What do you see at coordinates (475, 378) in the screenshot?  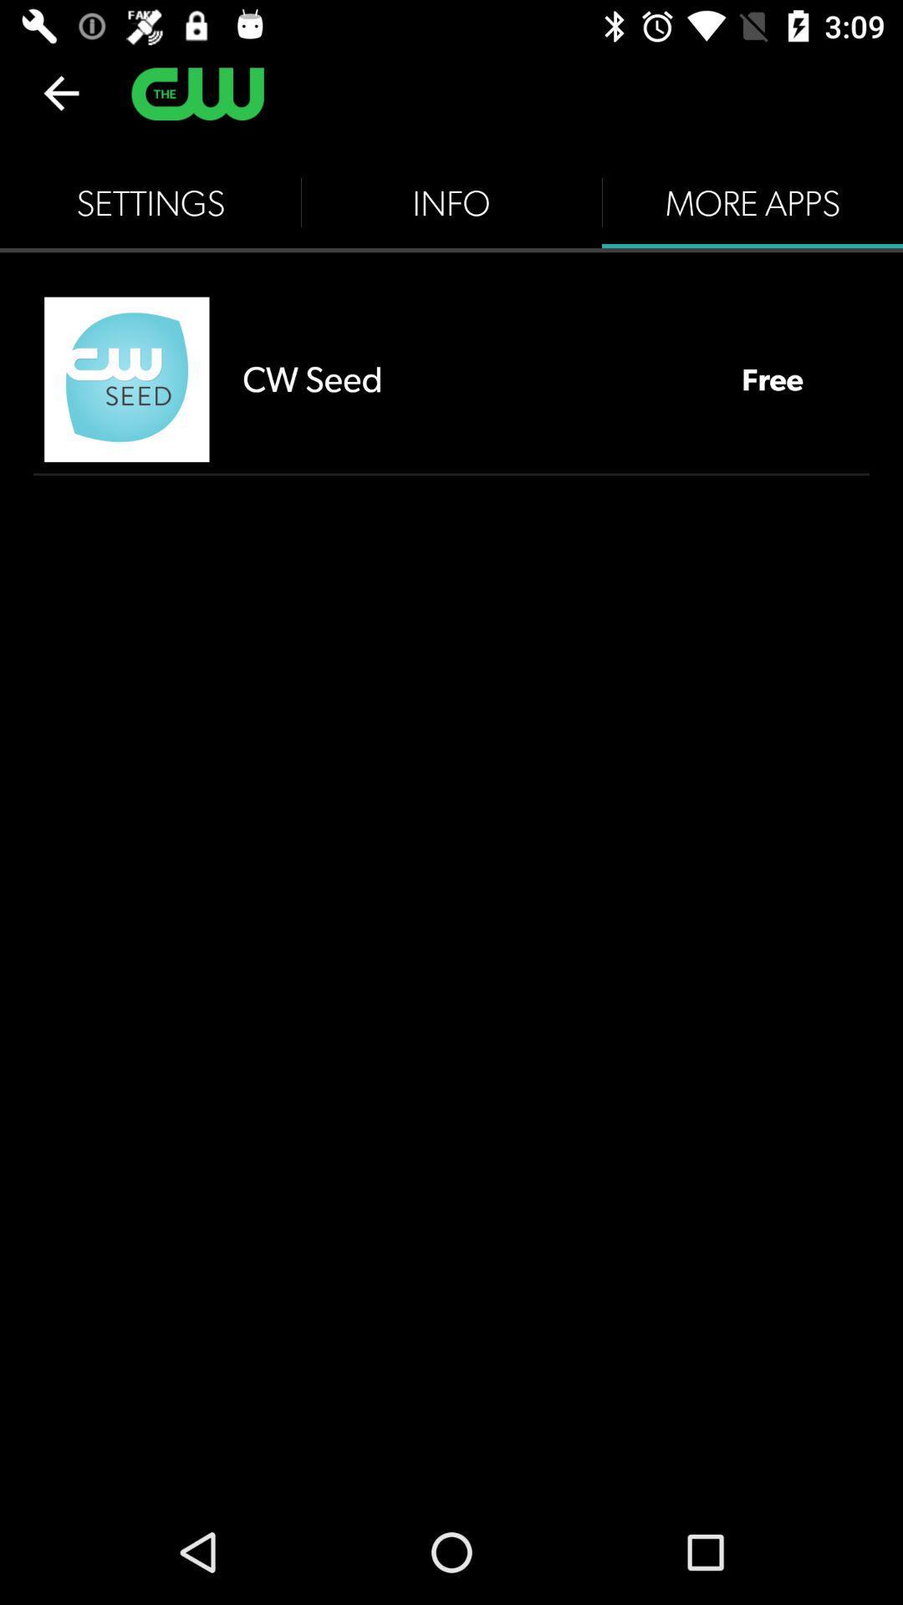 I see `the icon to the left of free` at bounding box center [475, 378].